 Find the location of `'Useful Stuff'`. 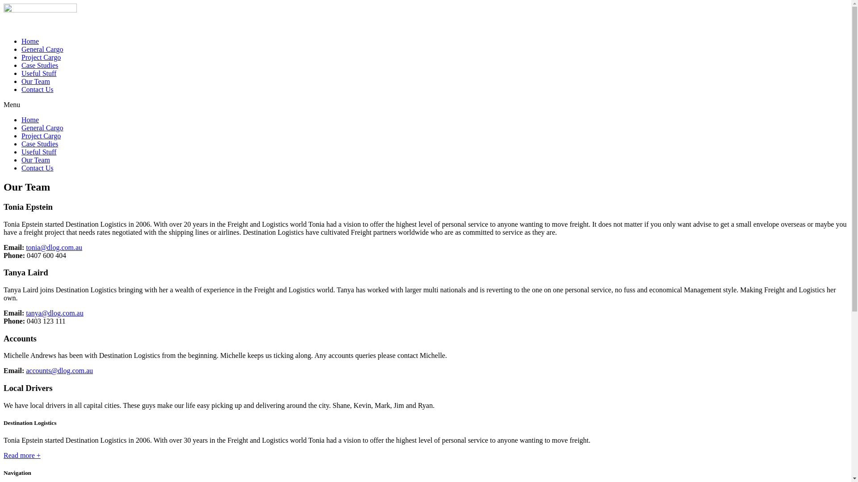

'Useful Stuff' is located at coordinates (38, 151).